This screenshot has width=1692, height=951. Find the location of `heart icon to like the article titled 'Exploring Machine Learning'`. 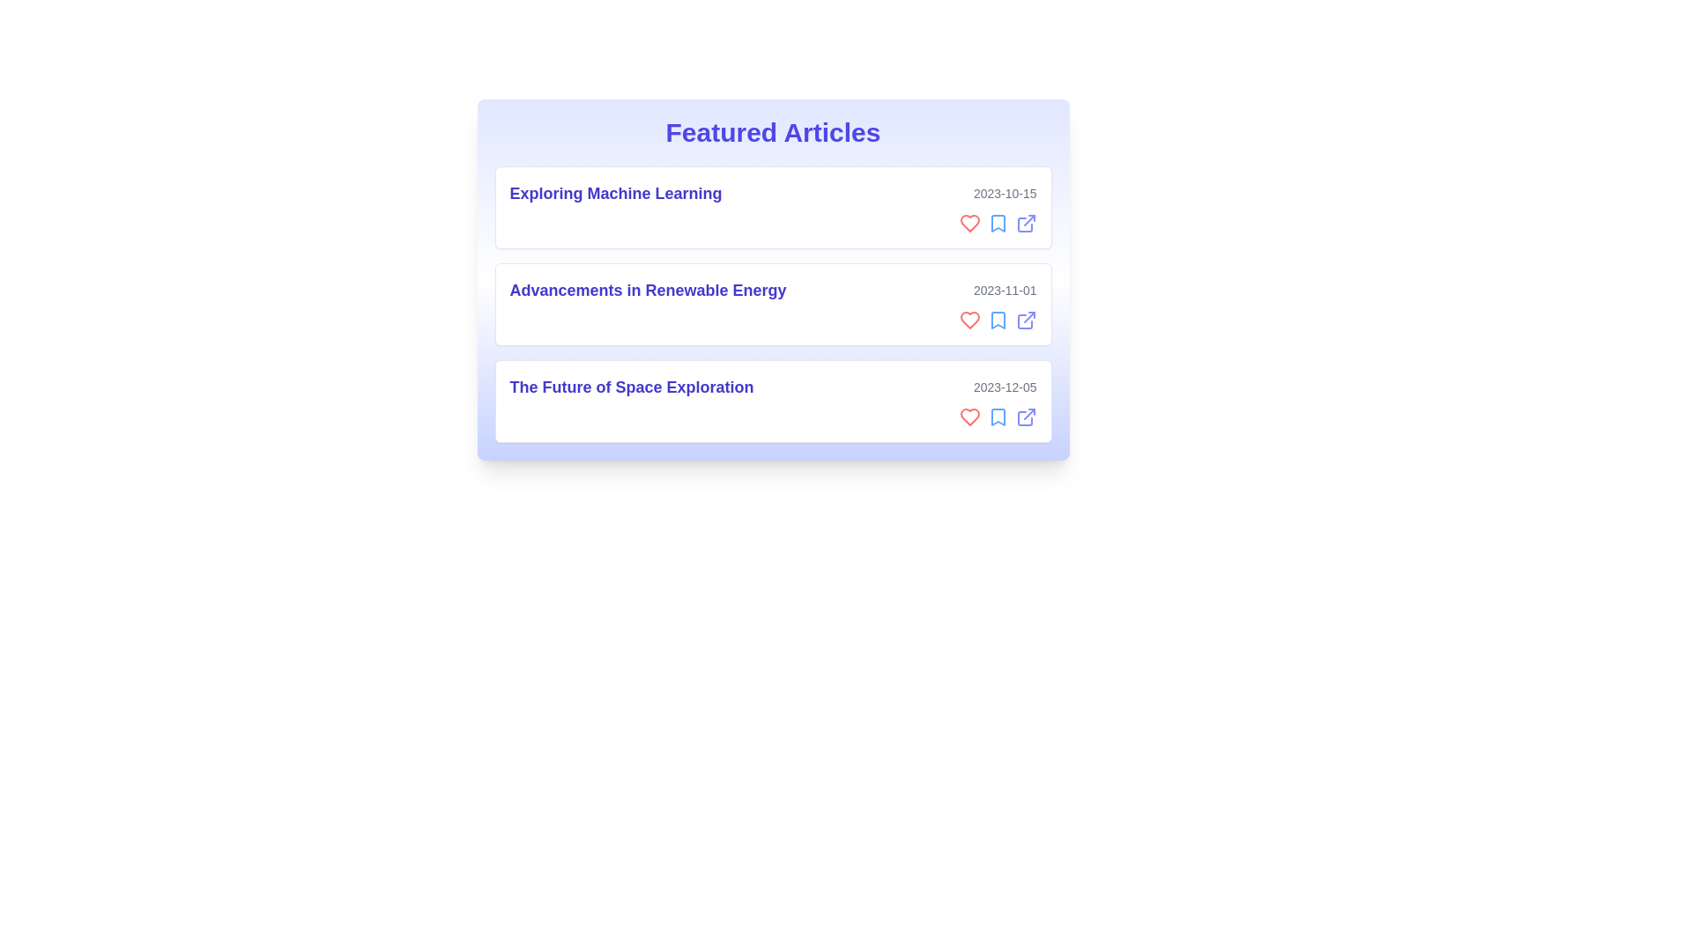

heart icon to like the article titled 'Exploring Machine Learning' is located at coordinates (968, 223).